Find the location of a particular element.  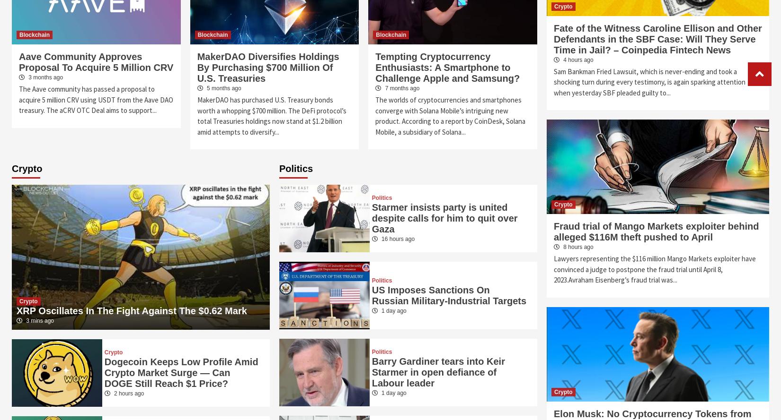

'16 hours ago' is located at coordinates (397, 239).